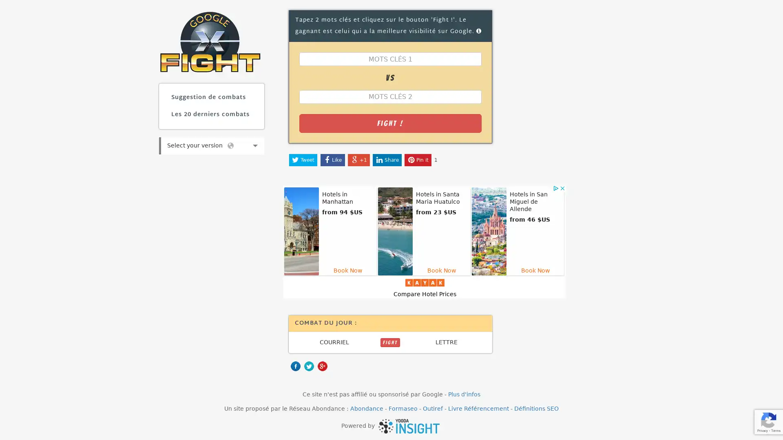 The width and height of the screenshot is (783, 440). Describe the element at coordinates (389, 123) in the screenshot. I see `Fight !` at that location.